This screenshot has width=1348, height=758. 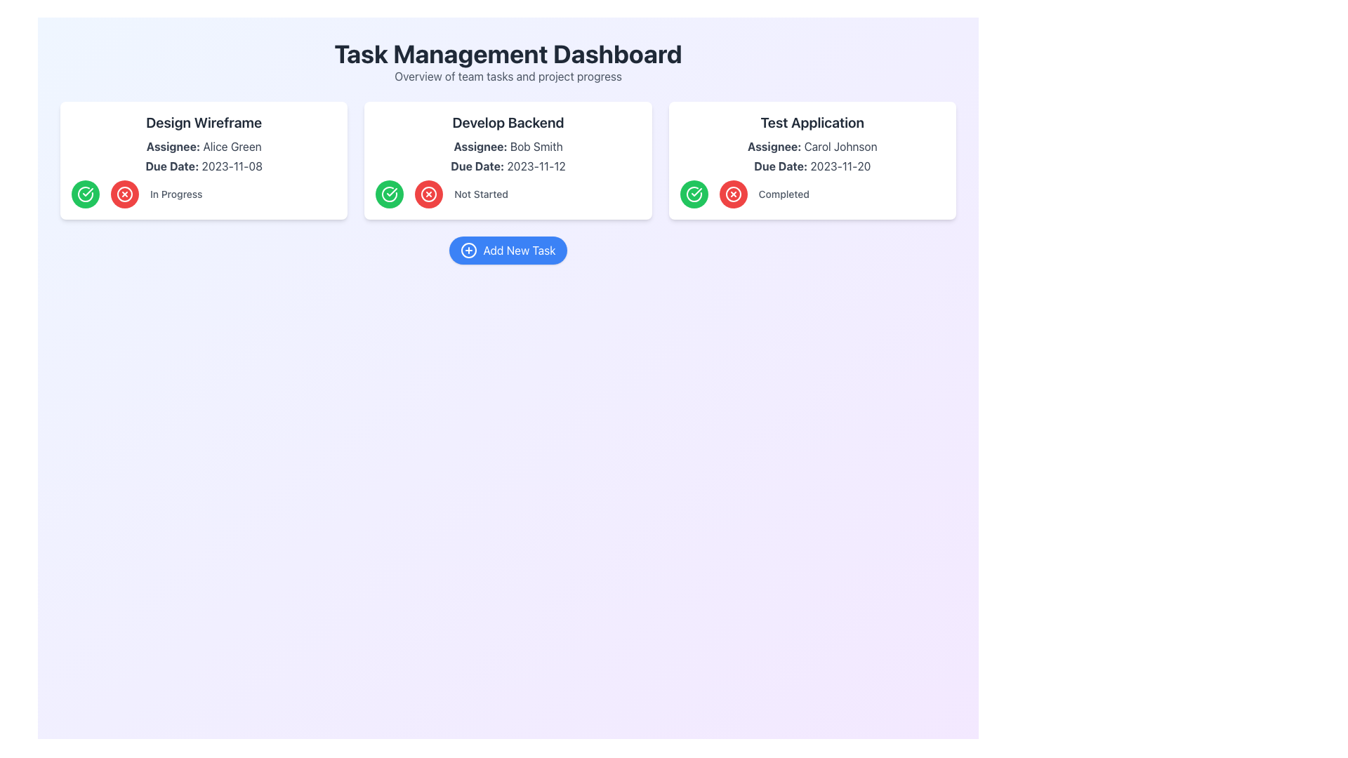 What do you see at coordinates (732, 194) in the screenshot?
I see `the circular red button with a white cross symbol located in the last task card of the 'Test Application' to reject/close` at bounding box center [732, 194].